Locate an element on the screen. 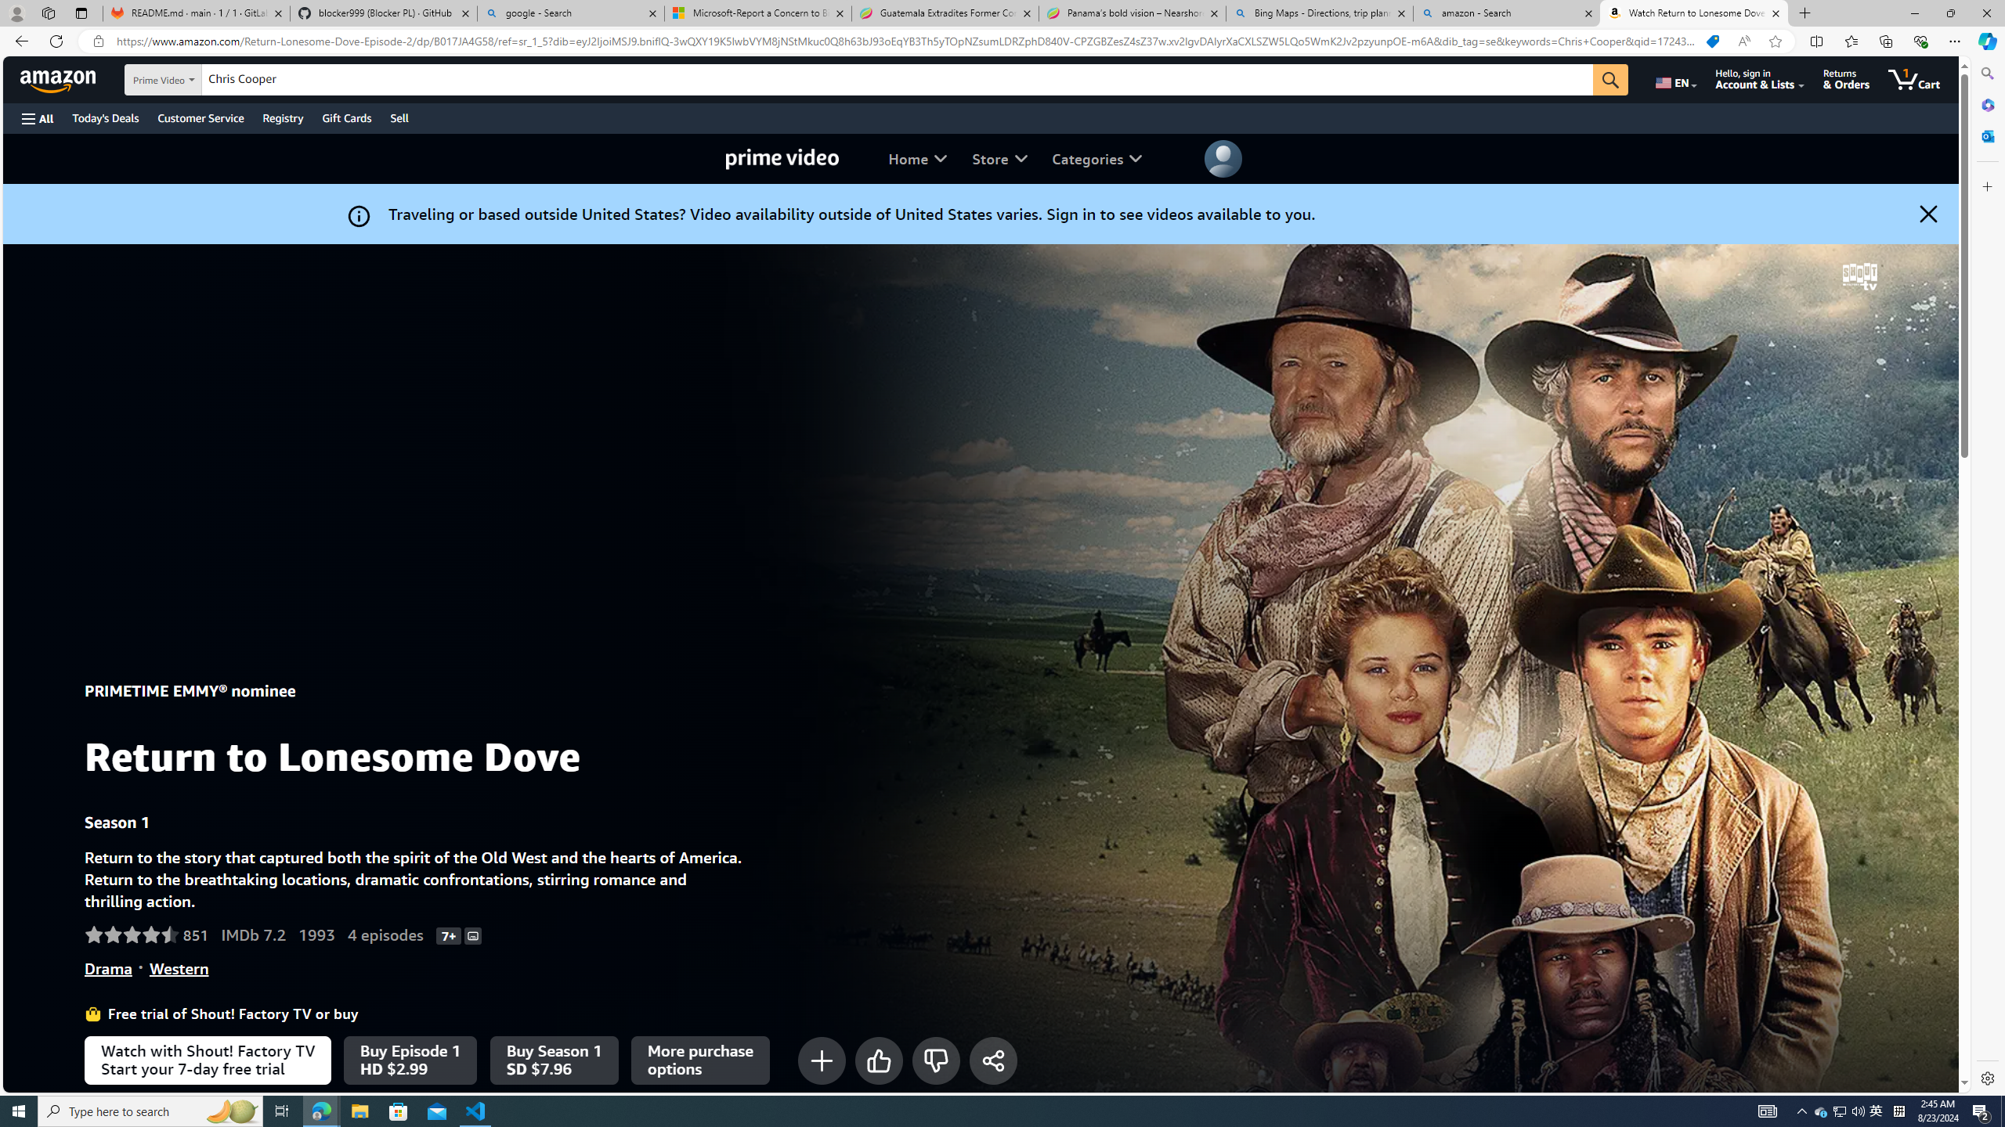 The image size is (2005, 1127). 'Today' is located at coordinates (105, 117).